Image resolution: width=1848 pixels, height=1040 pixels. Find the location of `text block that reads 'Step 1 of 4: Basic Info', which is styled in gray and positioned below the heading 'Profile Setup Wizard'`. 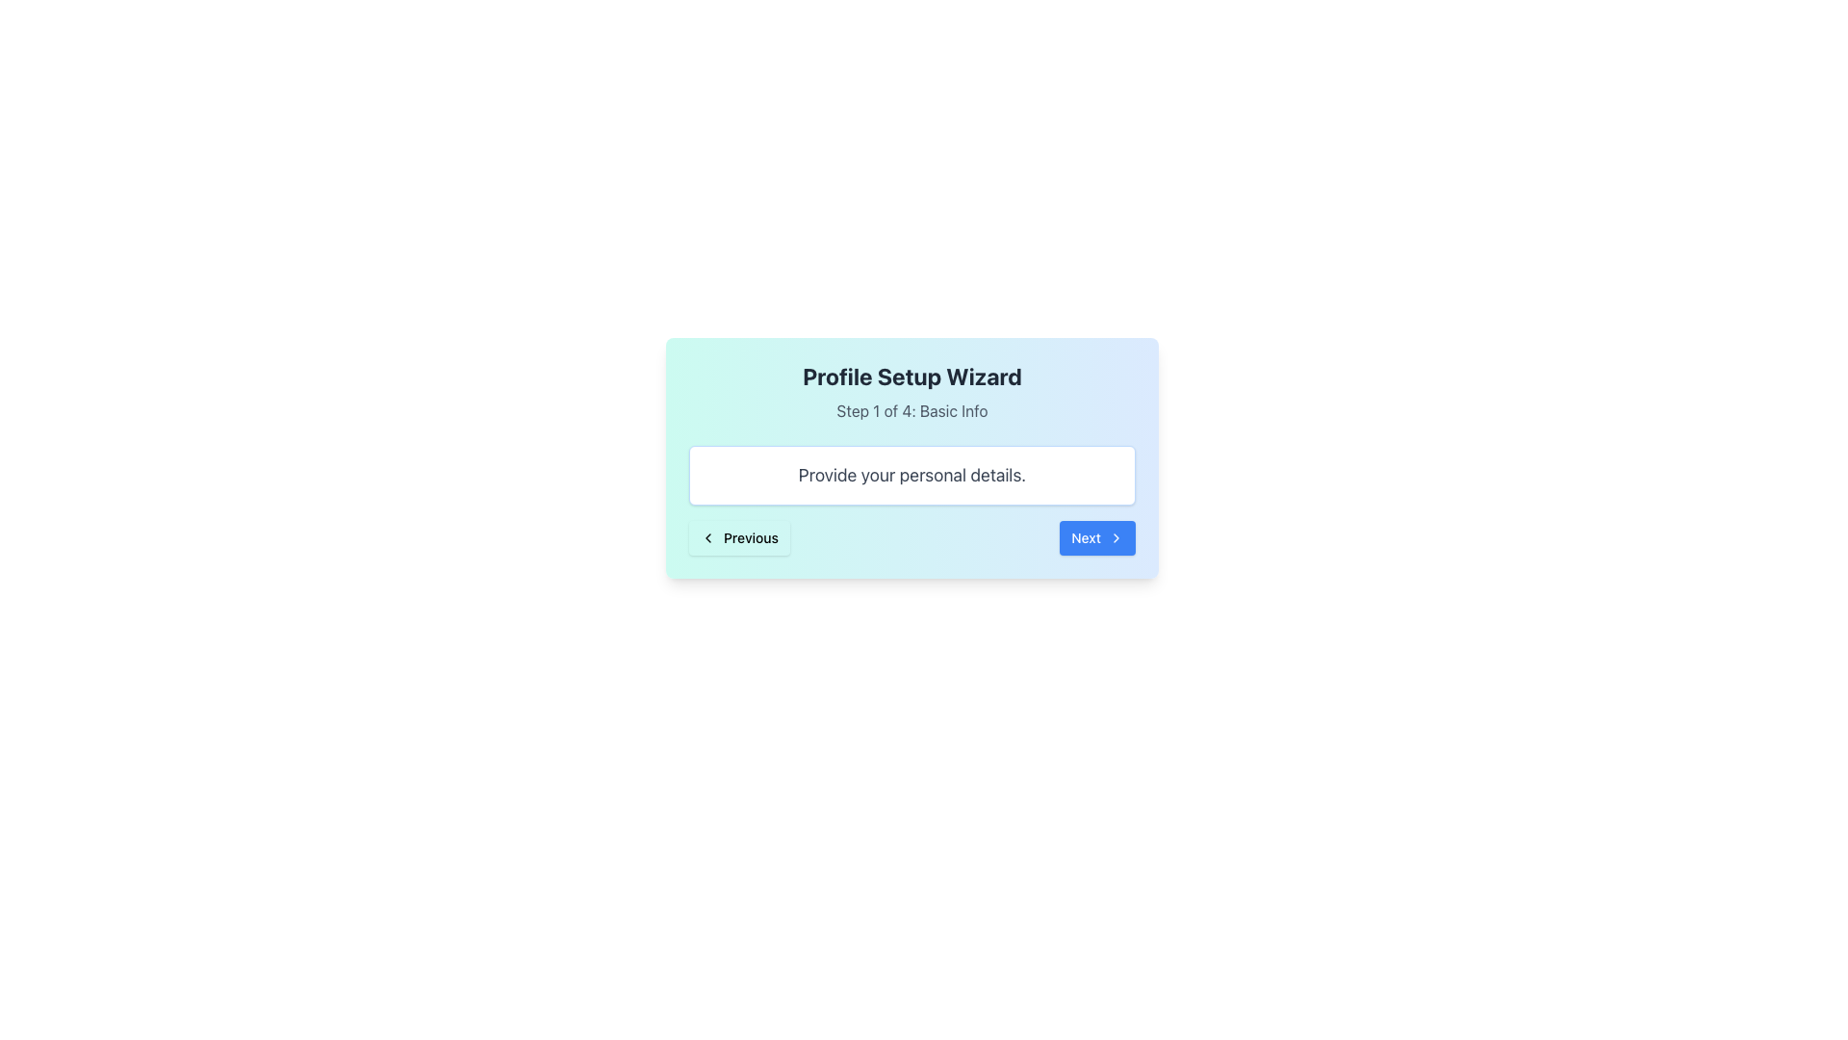

text block that reads 'Step 1 of 4: Basic Info', which is styled in gray and positioned below the heading 'Profile Setup Wizard' is located at coordinates (911, 410).